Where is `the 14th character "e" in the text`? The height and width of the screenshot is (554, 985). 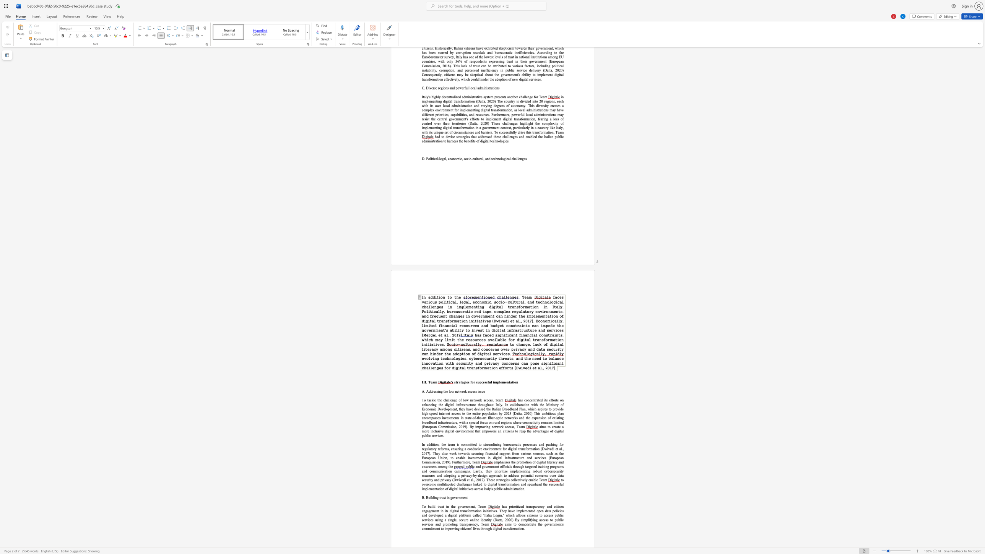 the 14th character "e" in the text is located at coordinates (454, 141).